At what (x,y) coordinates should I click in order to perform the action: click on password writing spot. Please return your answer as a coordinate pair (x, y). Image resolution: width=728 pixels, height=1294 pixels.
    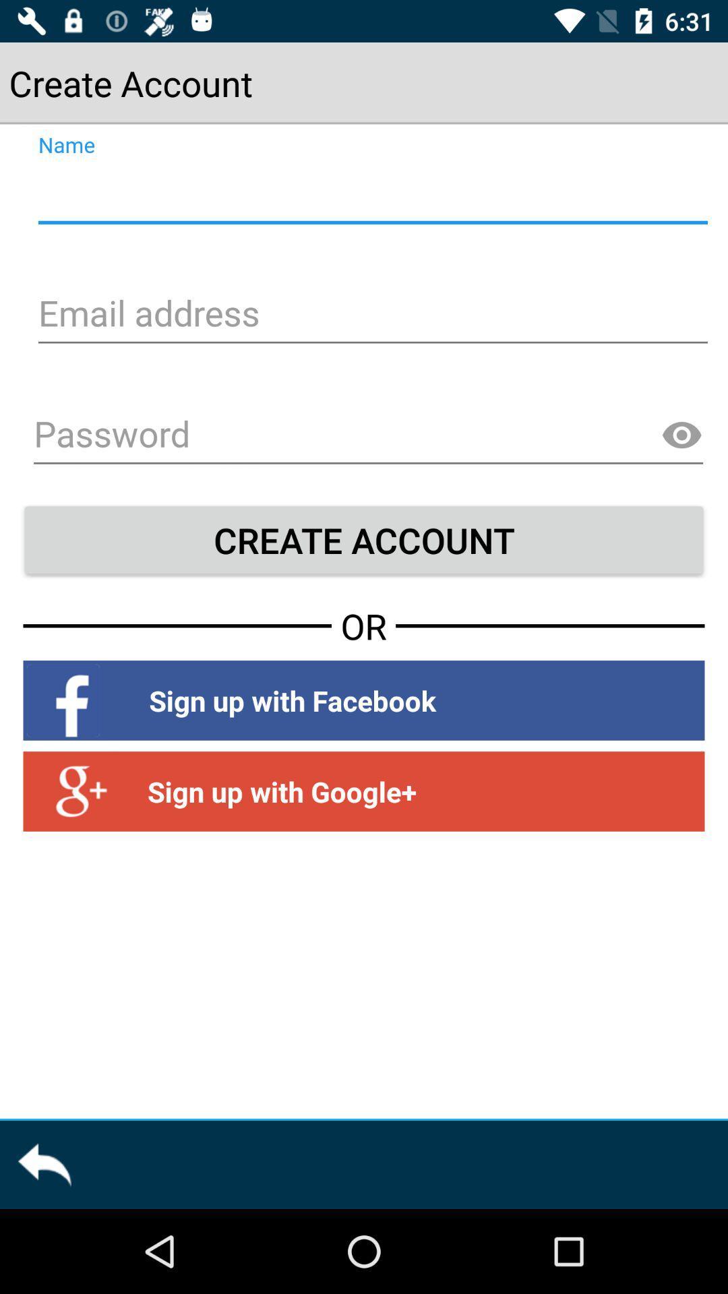
    Looking at the image, I should click on (368, 436).